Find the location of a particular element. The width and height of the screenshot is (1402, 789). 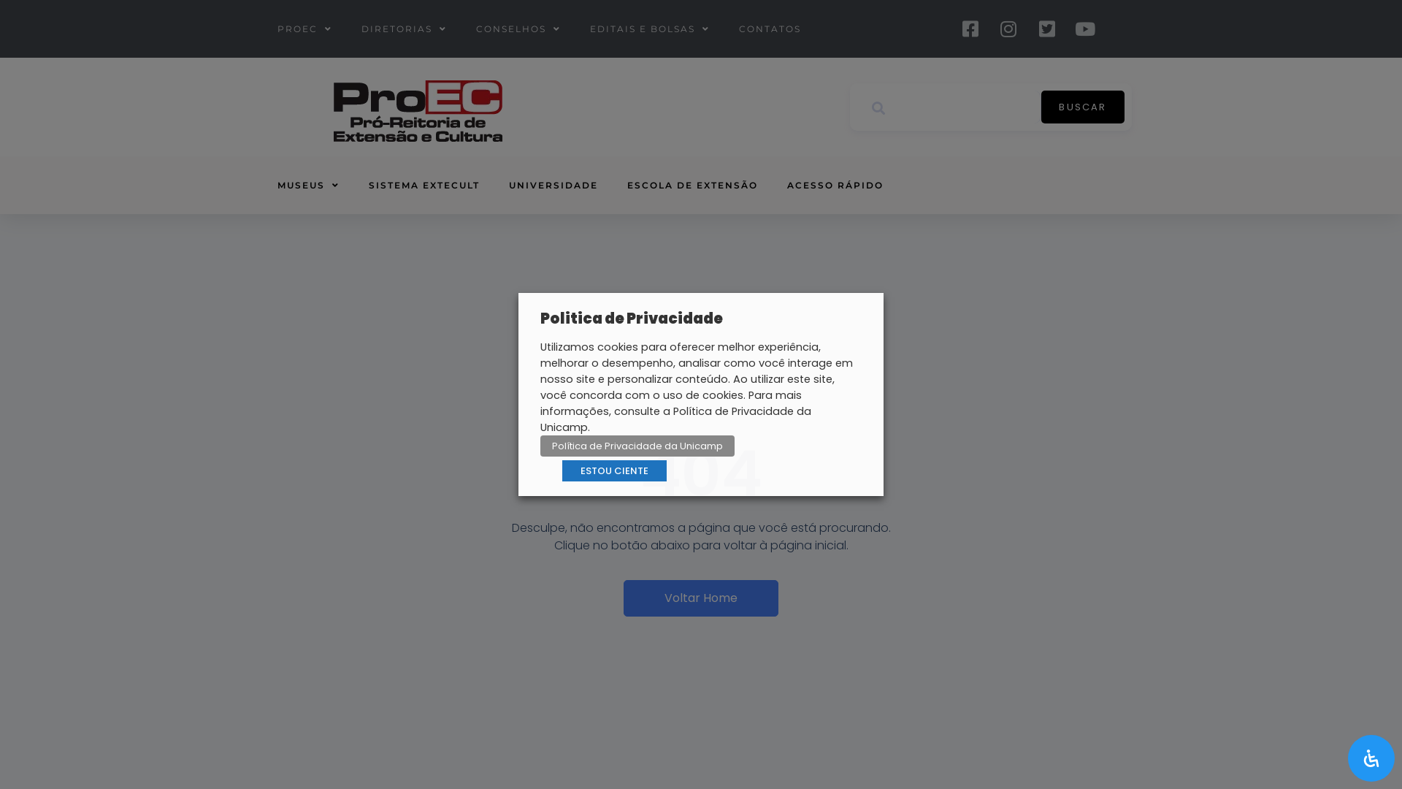

'DIRETORIAS' is located at coordinates (404, 28).